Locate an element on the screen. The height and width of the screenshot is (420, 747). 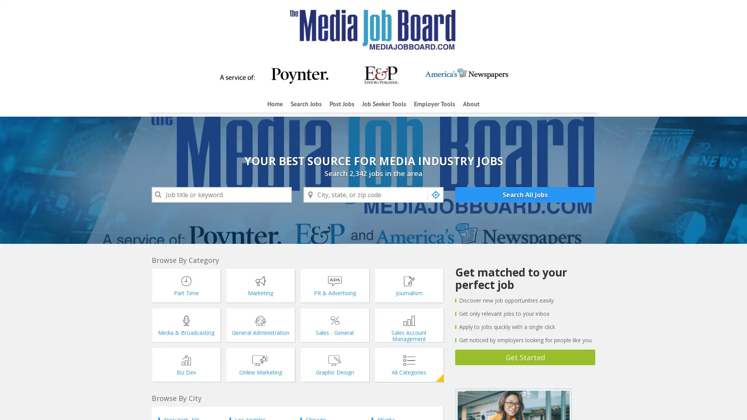
Get Started is located at coordinates (525, 357).